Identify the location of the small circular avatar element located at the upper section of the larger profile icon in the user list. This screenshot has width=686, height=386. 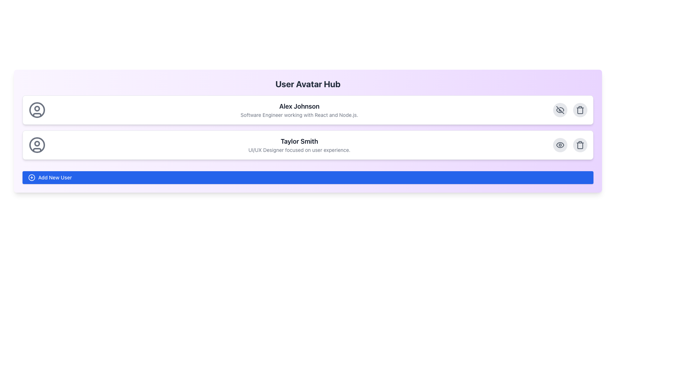
(37, 143).